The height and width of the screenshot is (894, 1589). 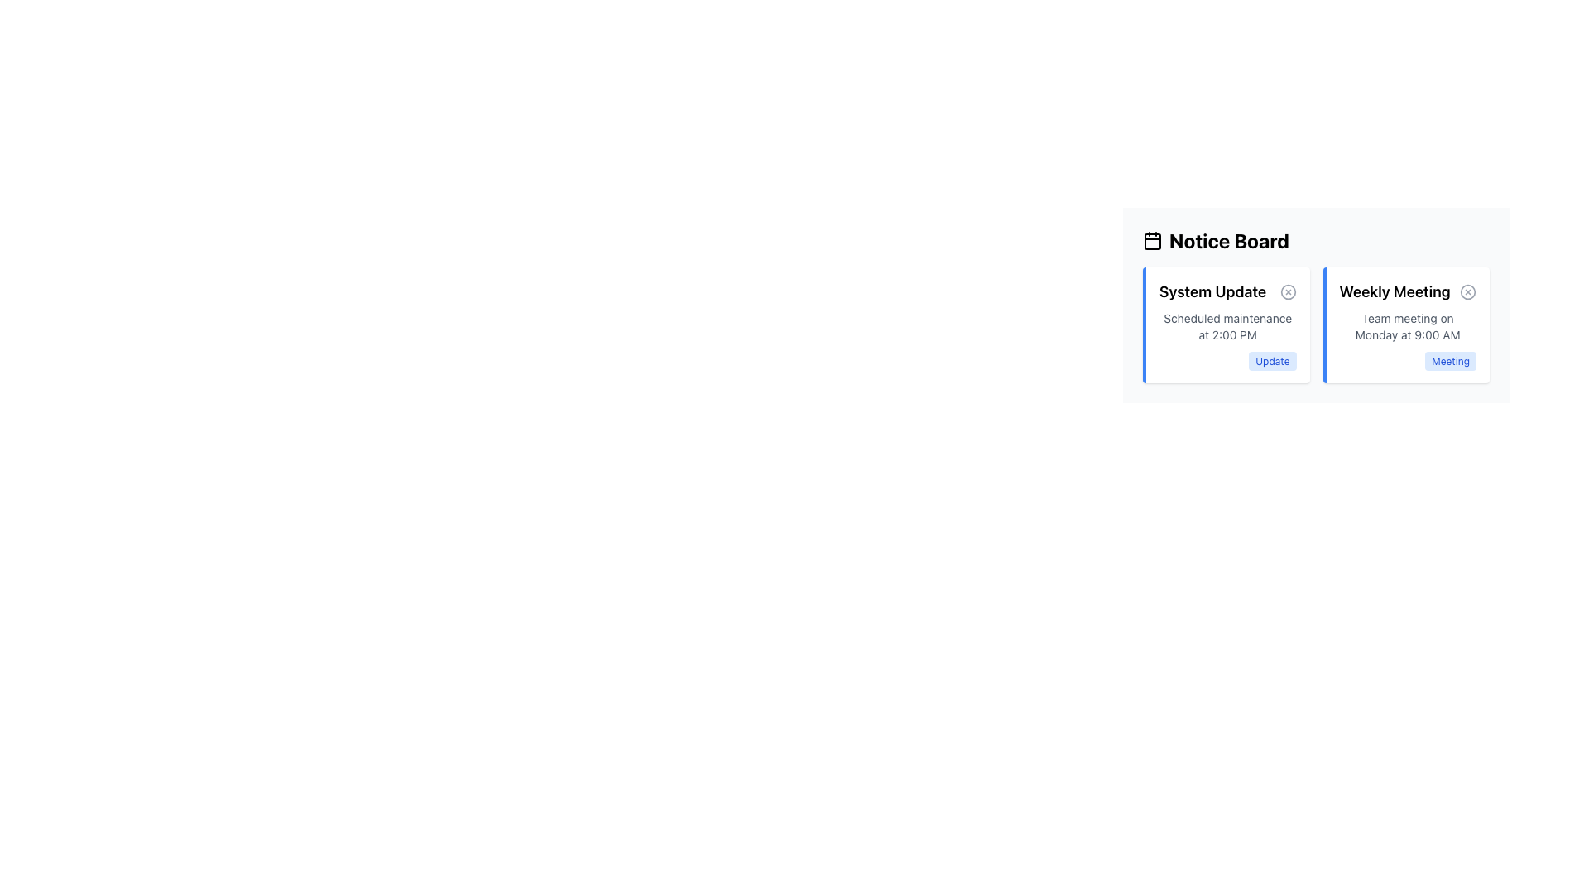 I want to click on the stylized calendar icon located at the beginning of the 'Notice Board' section, so click(x=1151, y=240).